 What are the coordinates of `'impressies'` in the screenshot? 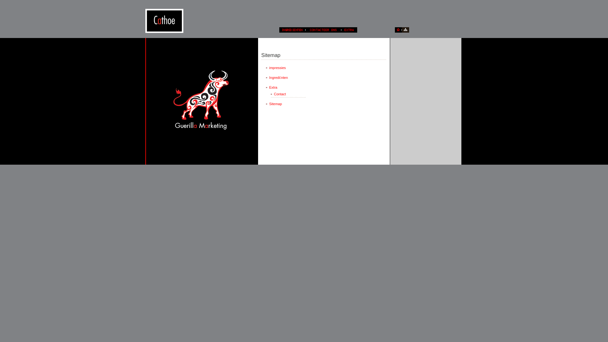 It's located at (283, 67).